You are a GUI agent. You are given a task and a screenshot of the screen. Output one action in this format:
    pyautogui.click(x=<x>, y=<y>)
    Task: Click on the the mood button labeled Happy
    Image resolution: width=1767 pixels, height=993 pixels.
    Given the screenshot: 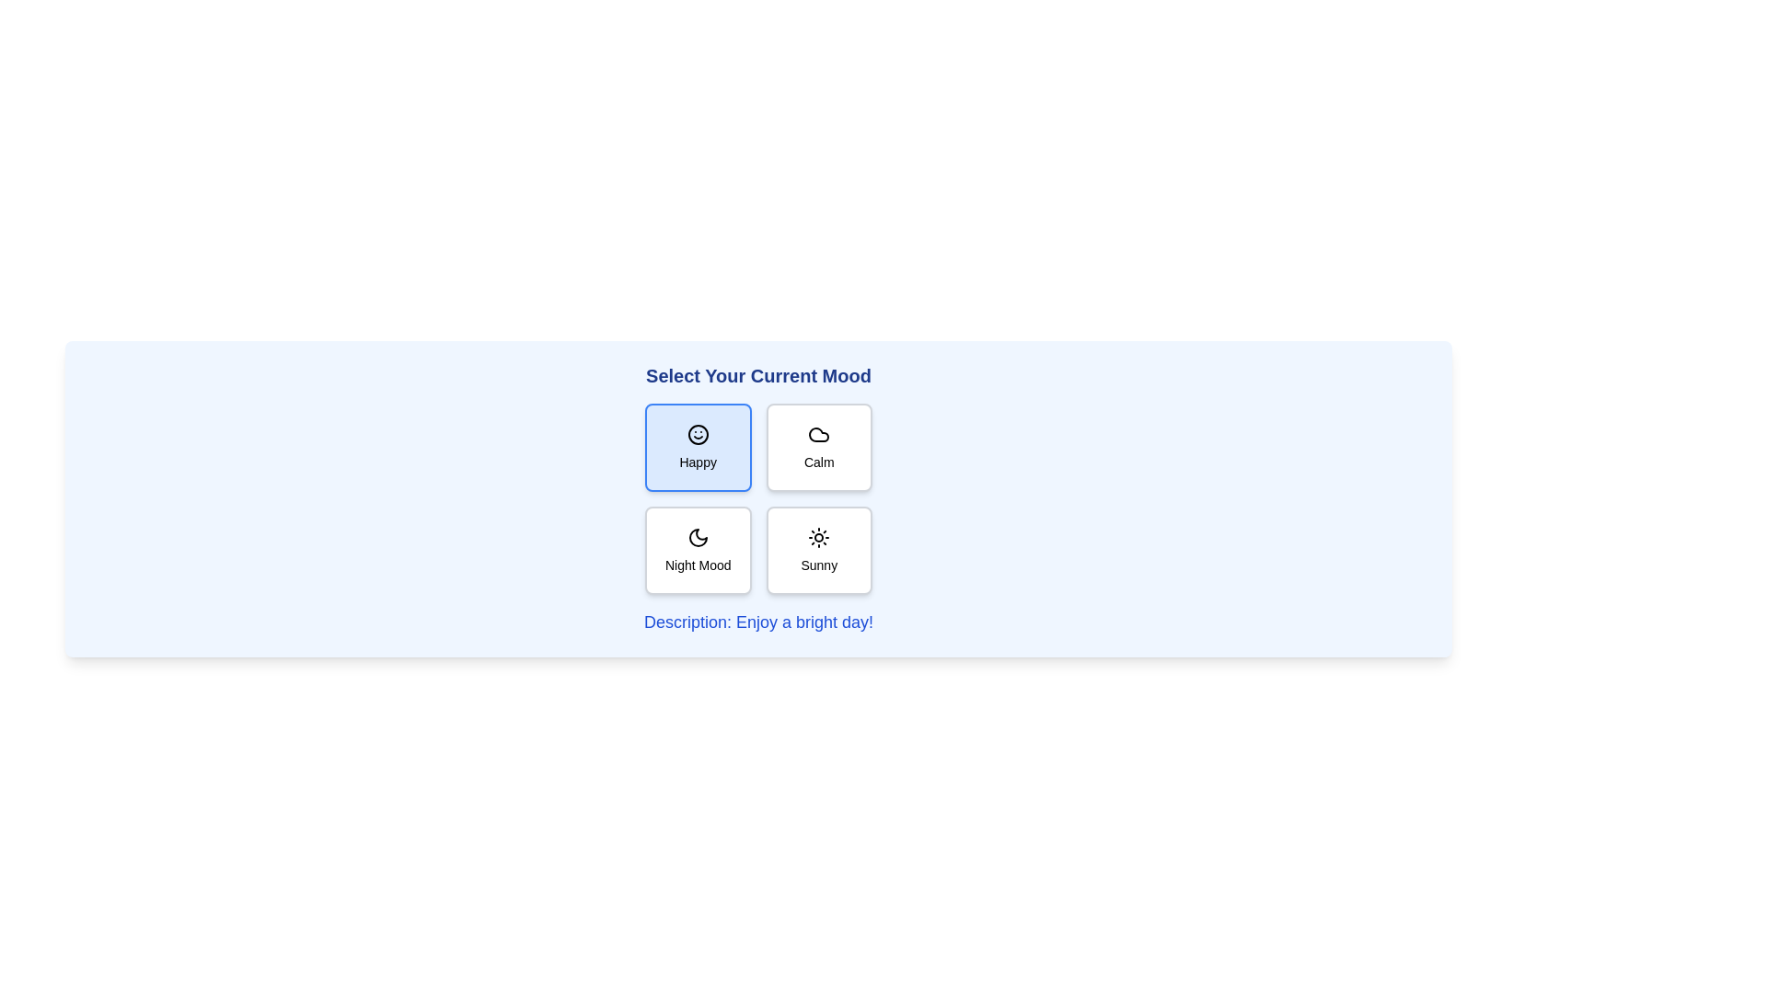 What is the action you would take?
    pyautogui.click(x=697, y=447)
    